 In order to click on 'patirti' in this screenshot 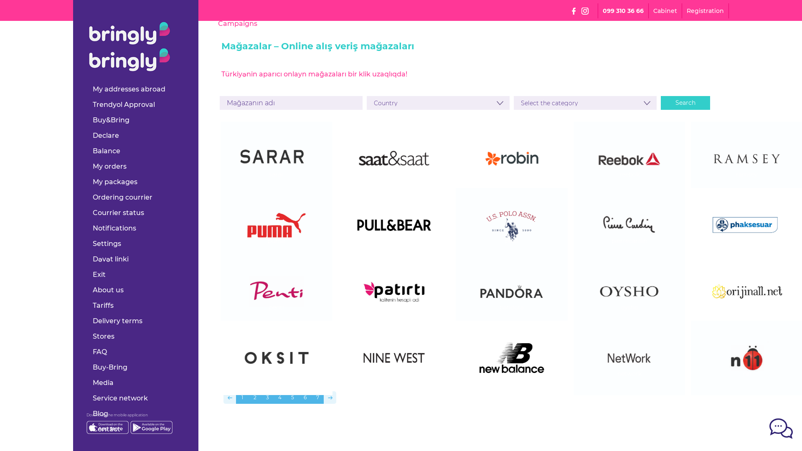, I will do `click(394, 307)`.